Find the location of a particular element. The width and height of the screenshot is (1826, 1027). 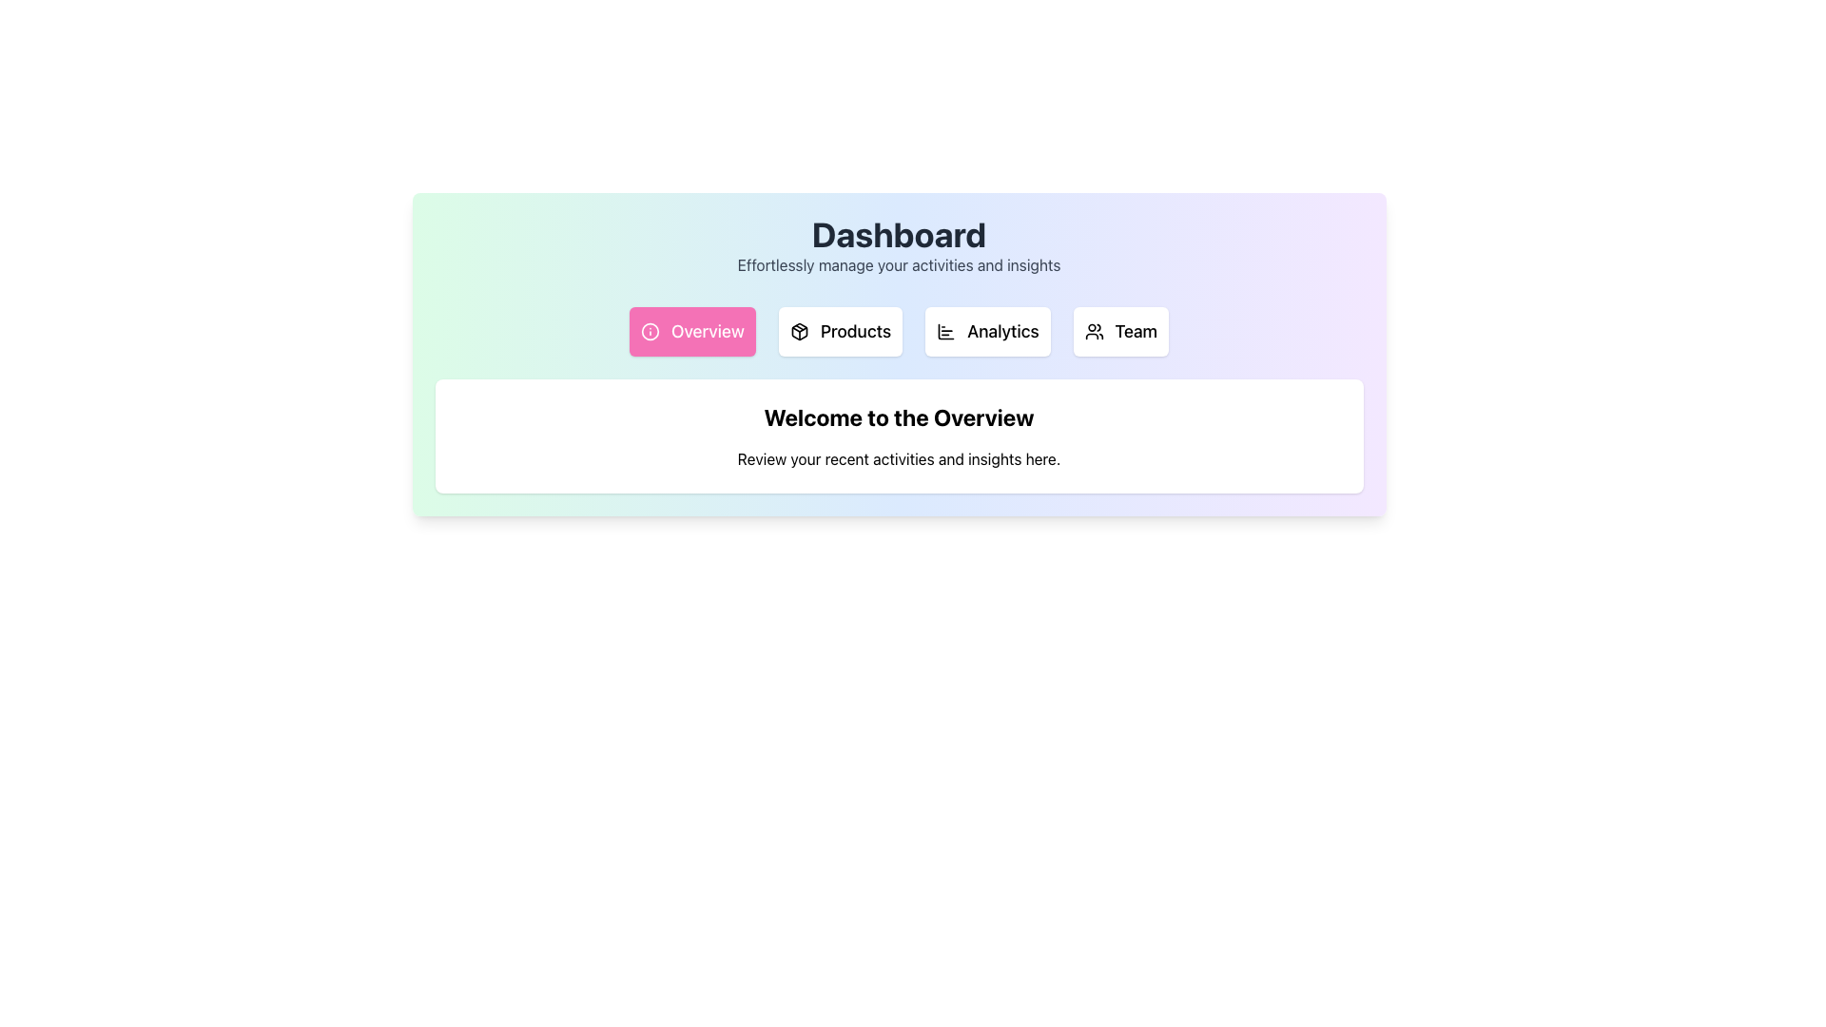

the 'Analytics' navigation button located centrally beneath the 'Dashboard' heading is located at coordinates (986, 330).